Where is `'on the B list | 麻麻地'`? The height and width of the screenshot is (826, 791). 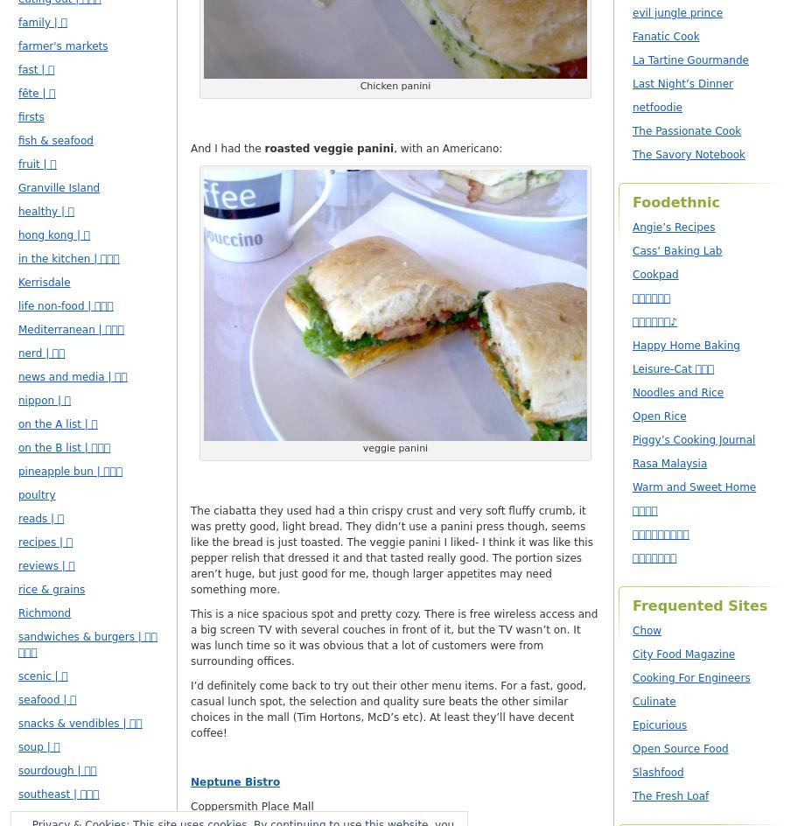
'on the B list | 麻麻地' is located at coordinates (64, 448).